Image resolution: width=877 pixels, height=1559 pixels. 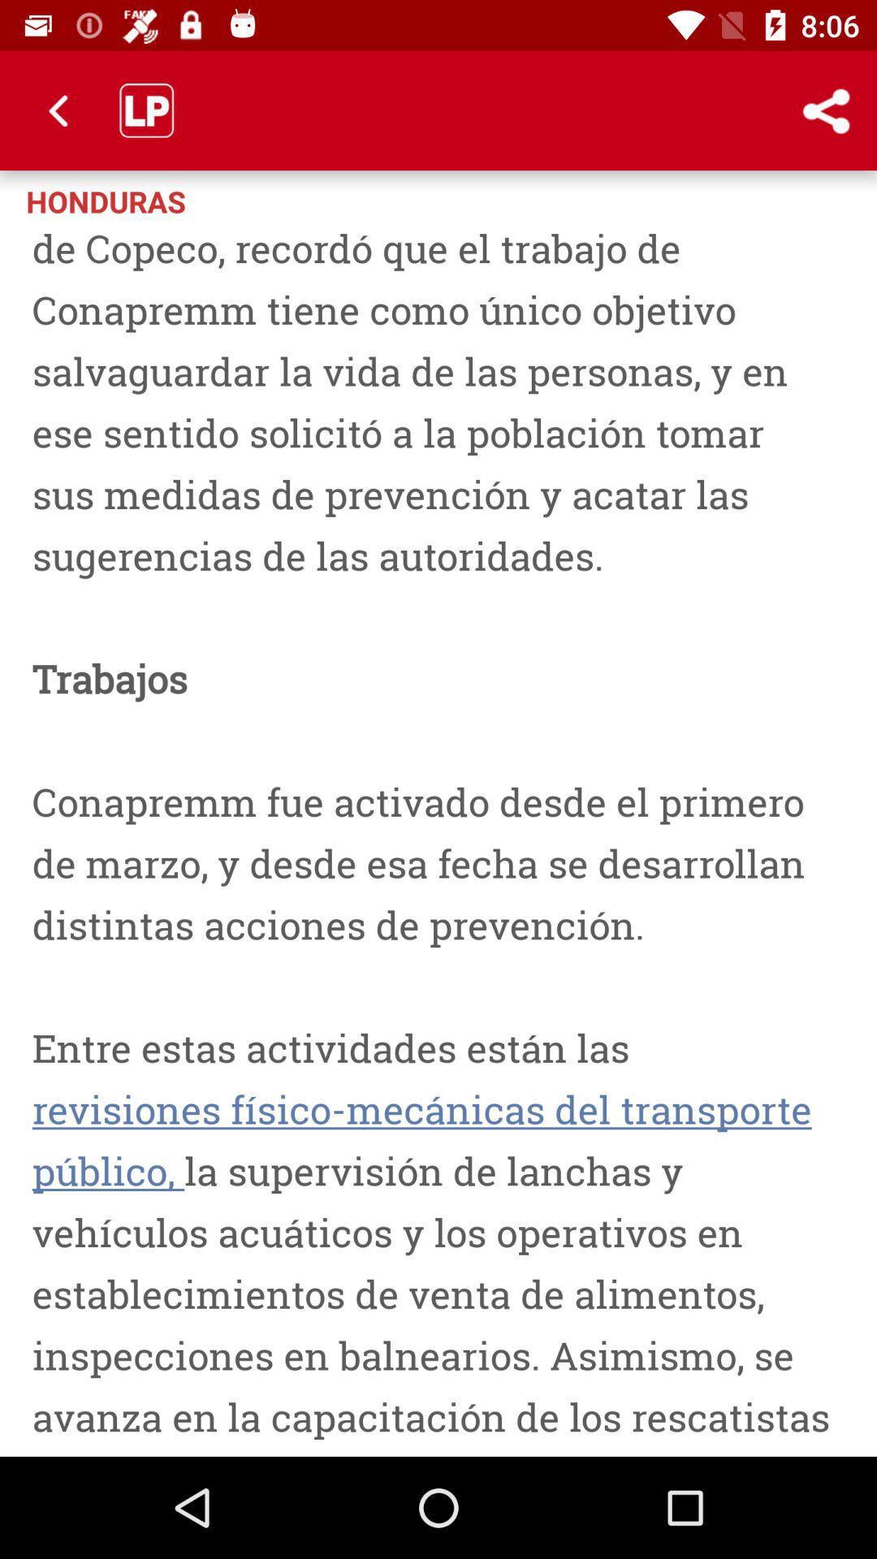 I want to click on icon at the center, so click(x=438, y=838).